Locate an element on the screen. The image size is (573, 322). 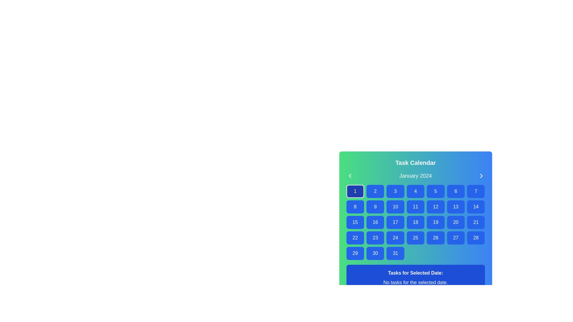
the selectable date button located in the fourth row, second from the left in a calendar UI grid layout is located at coordinates (375, 238).